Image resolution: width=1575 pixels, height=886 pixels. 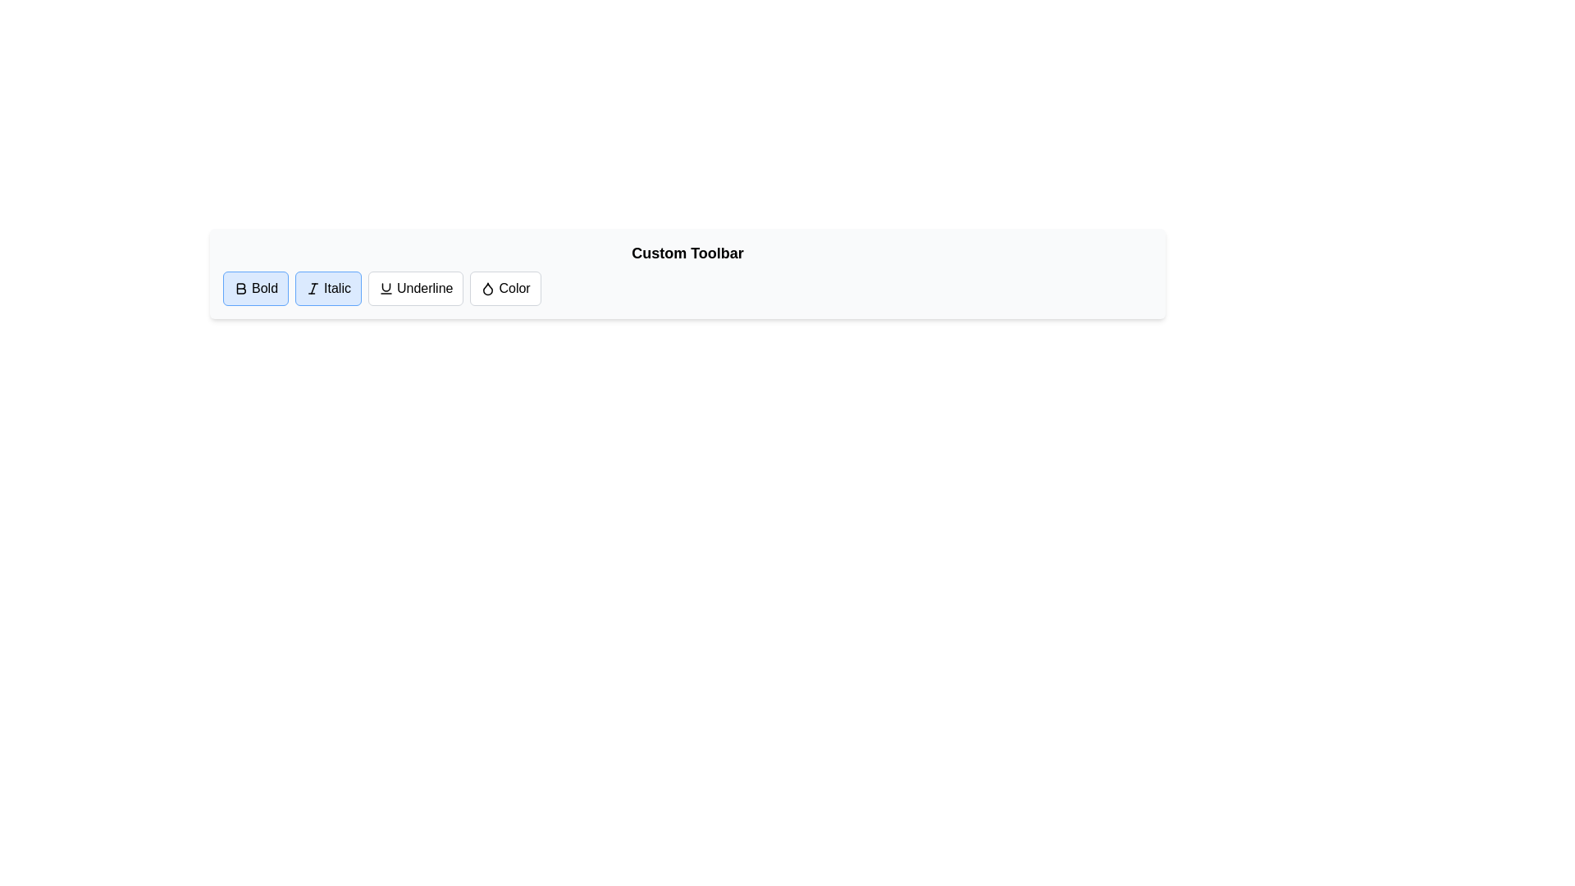 What do you see at coordinates (425, 287) in the screenshot?
I see `the text label element of the underline formatting button` at bounding box center [425, 287].